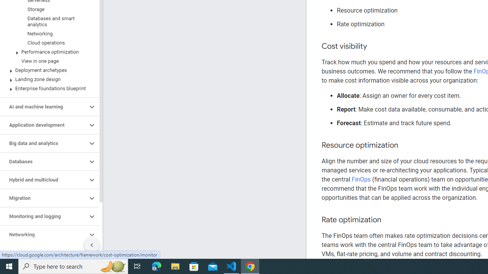 This screenshot has height=274, width=488. I want to click on 'Copy link to this section: Cost visibility', so click(375, 46).